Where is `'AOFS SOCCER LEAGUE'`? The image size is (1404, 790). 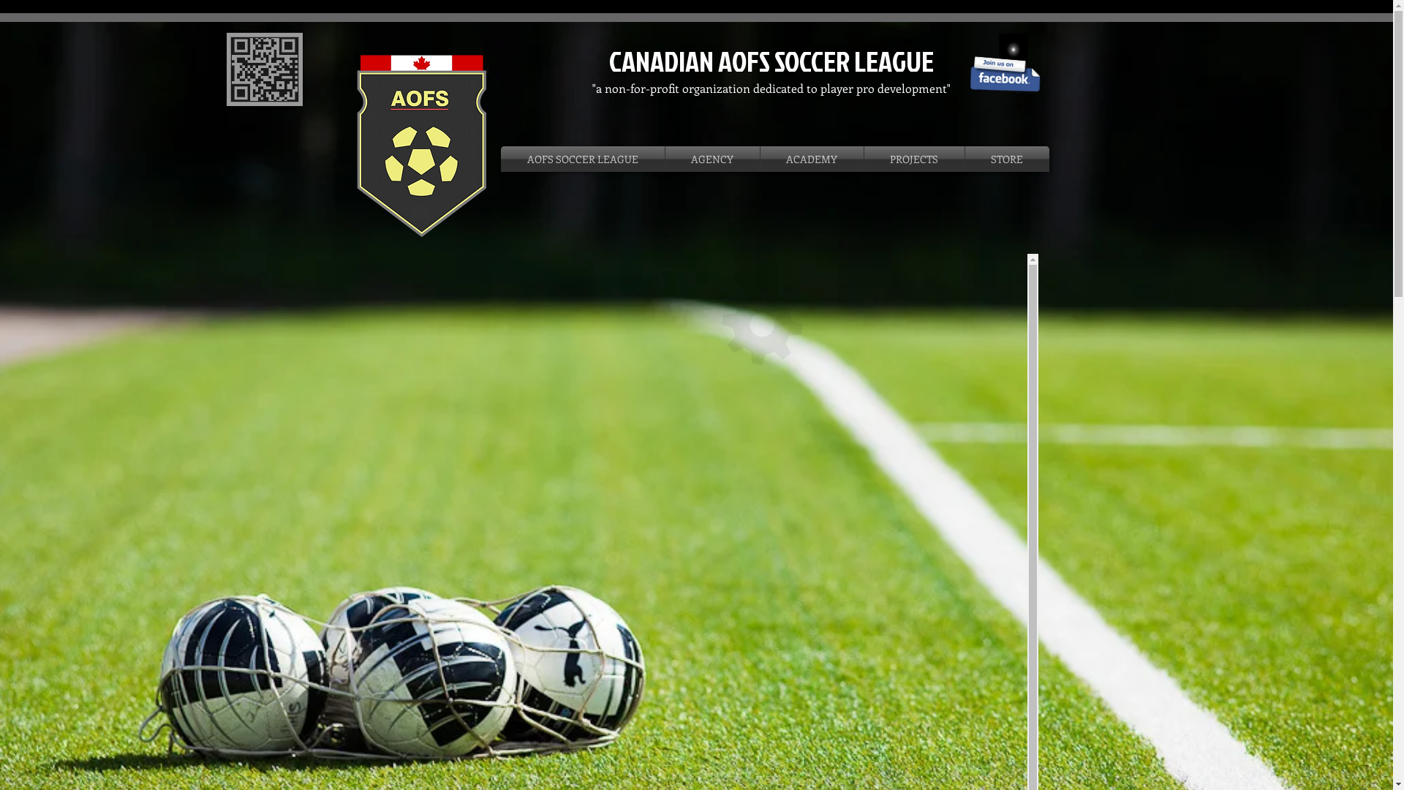 'AOFS SOCCER LEAGUE' is located at coordinates (581, 159).